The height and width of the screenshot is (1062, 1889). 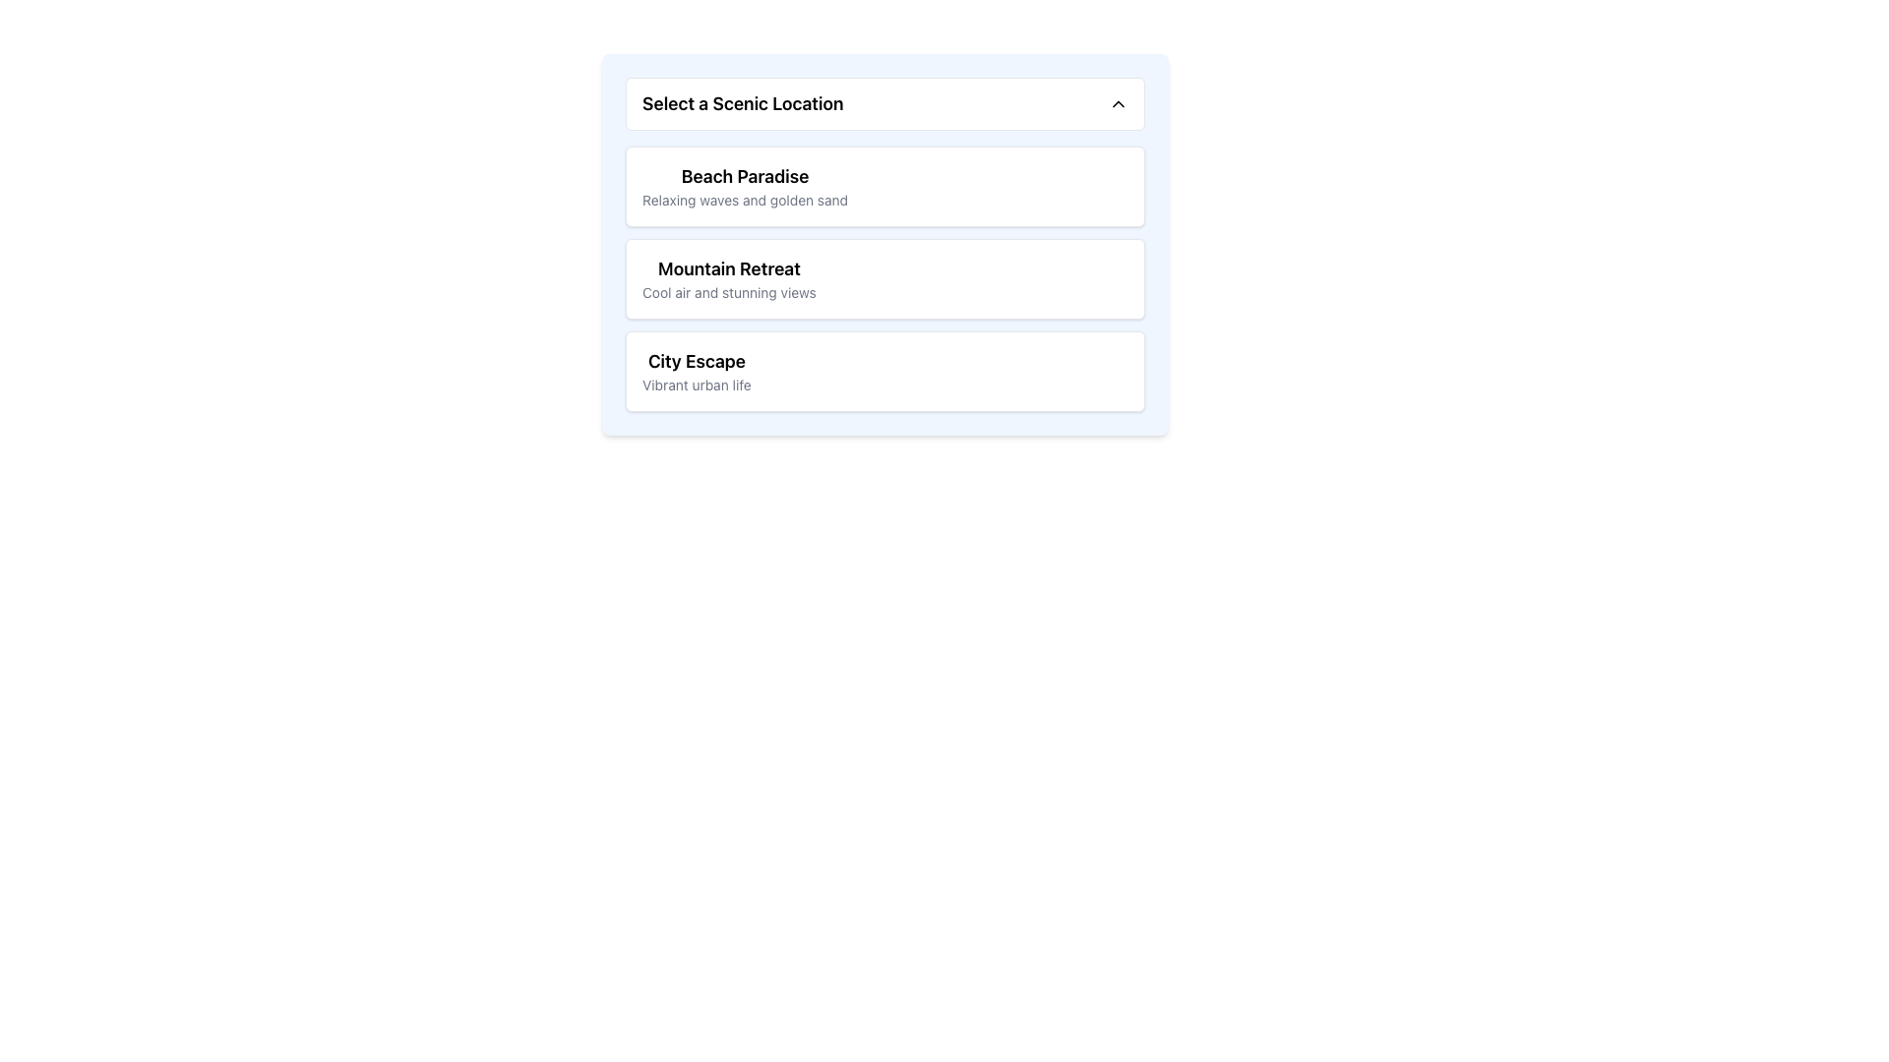 What do you see at coordinates (728, 268) in the screenshot?
I see `the text label 'Mountain Retreat', which is styled in bold font and positioned at the top of the second item in a vertically stacked list` at bounding box center [728, 268].